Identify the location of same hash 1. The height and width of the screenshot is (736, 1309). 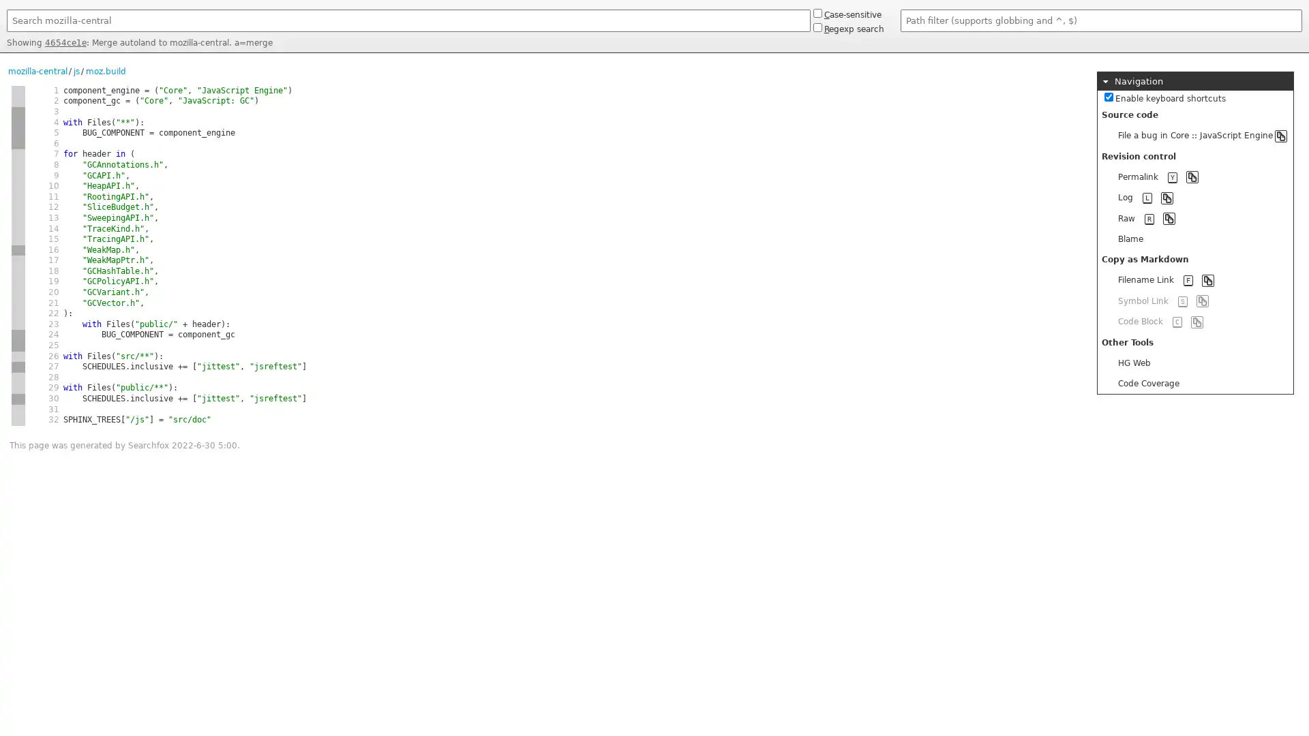
(18, 217).